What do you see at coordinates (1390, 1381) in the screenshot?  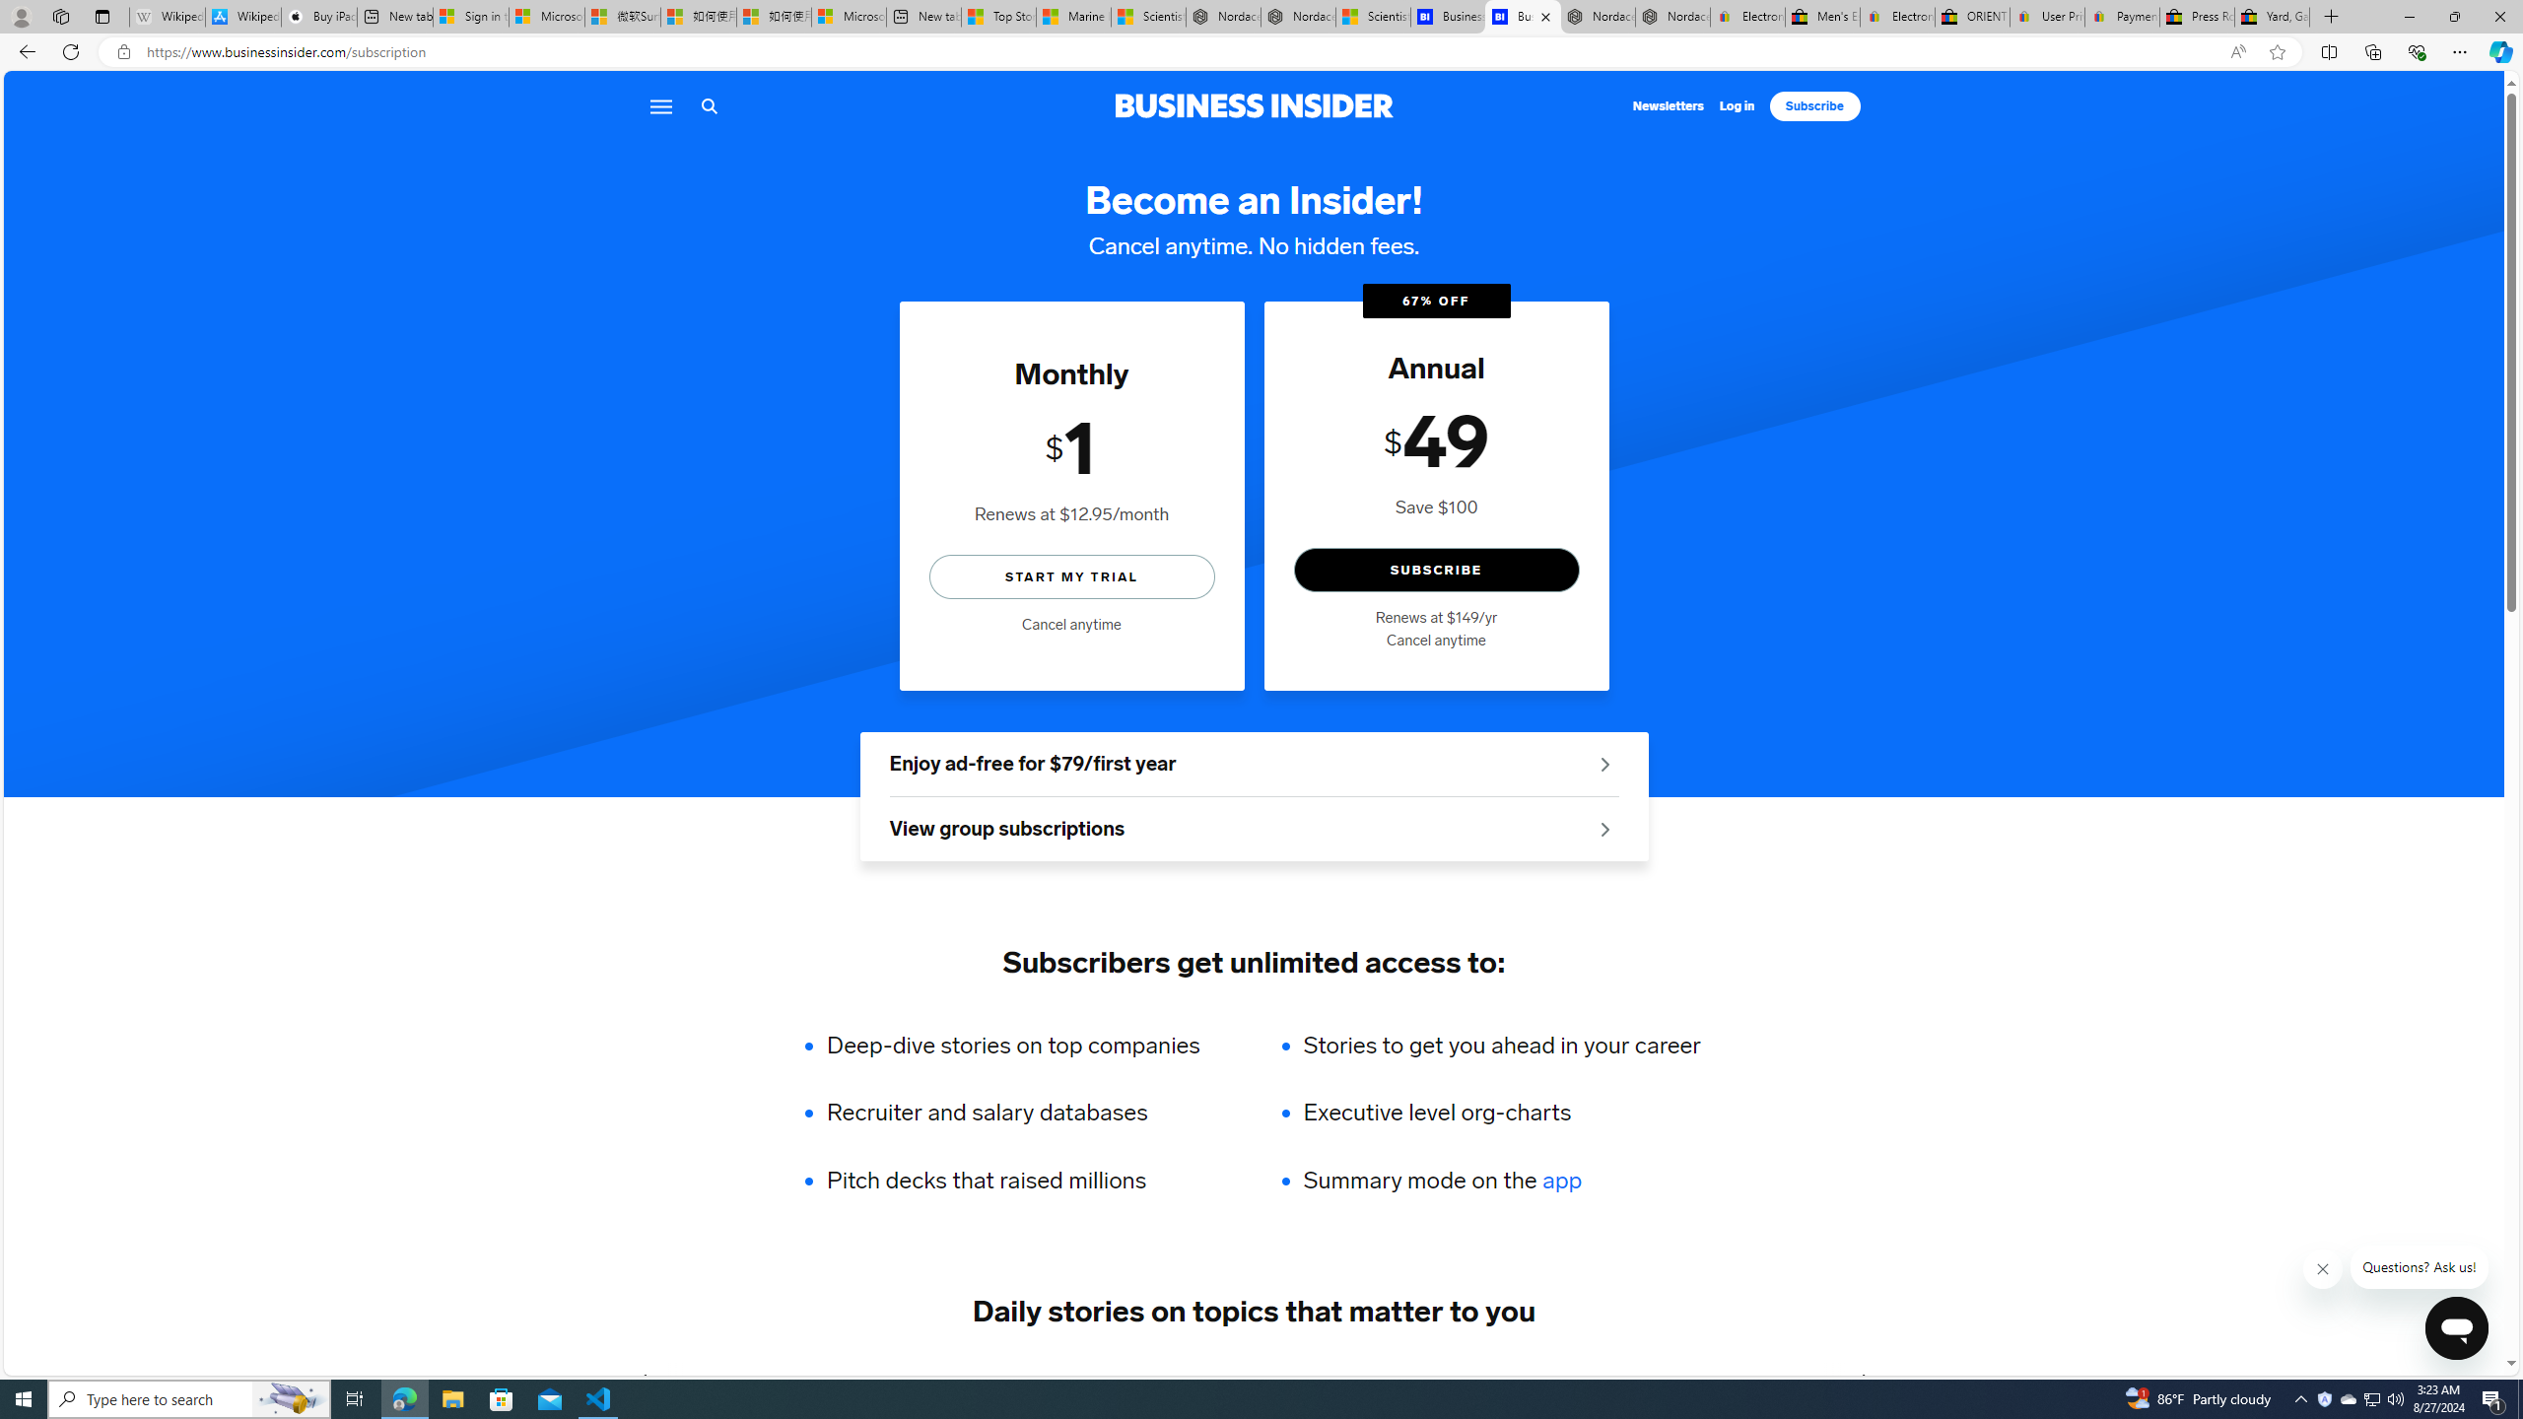 I see `'HEALTHCARE'` at bounding box center [1390, 1381].